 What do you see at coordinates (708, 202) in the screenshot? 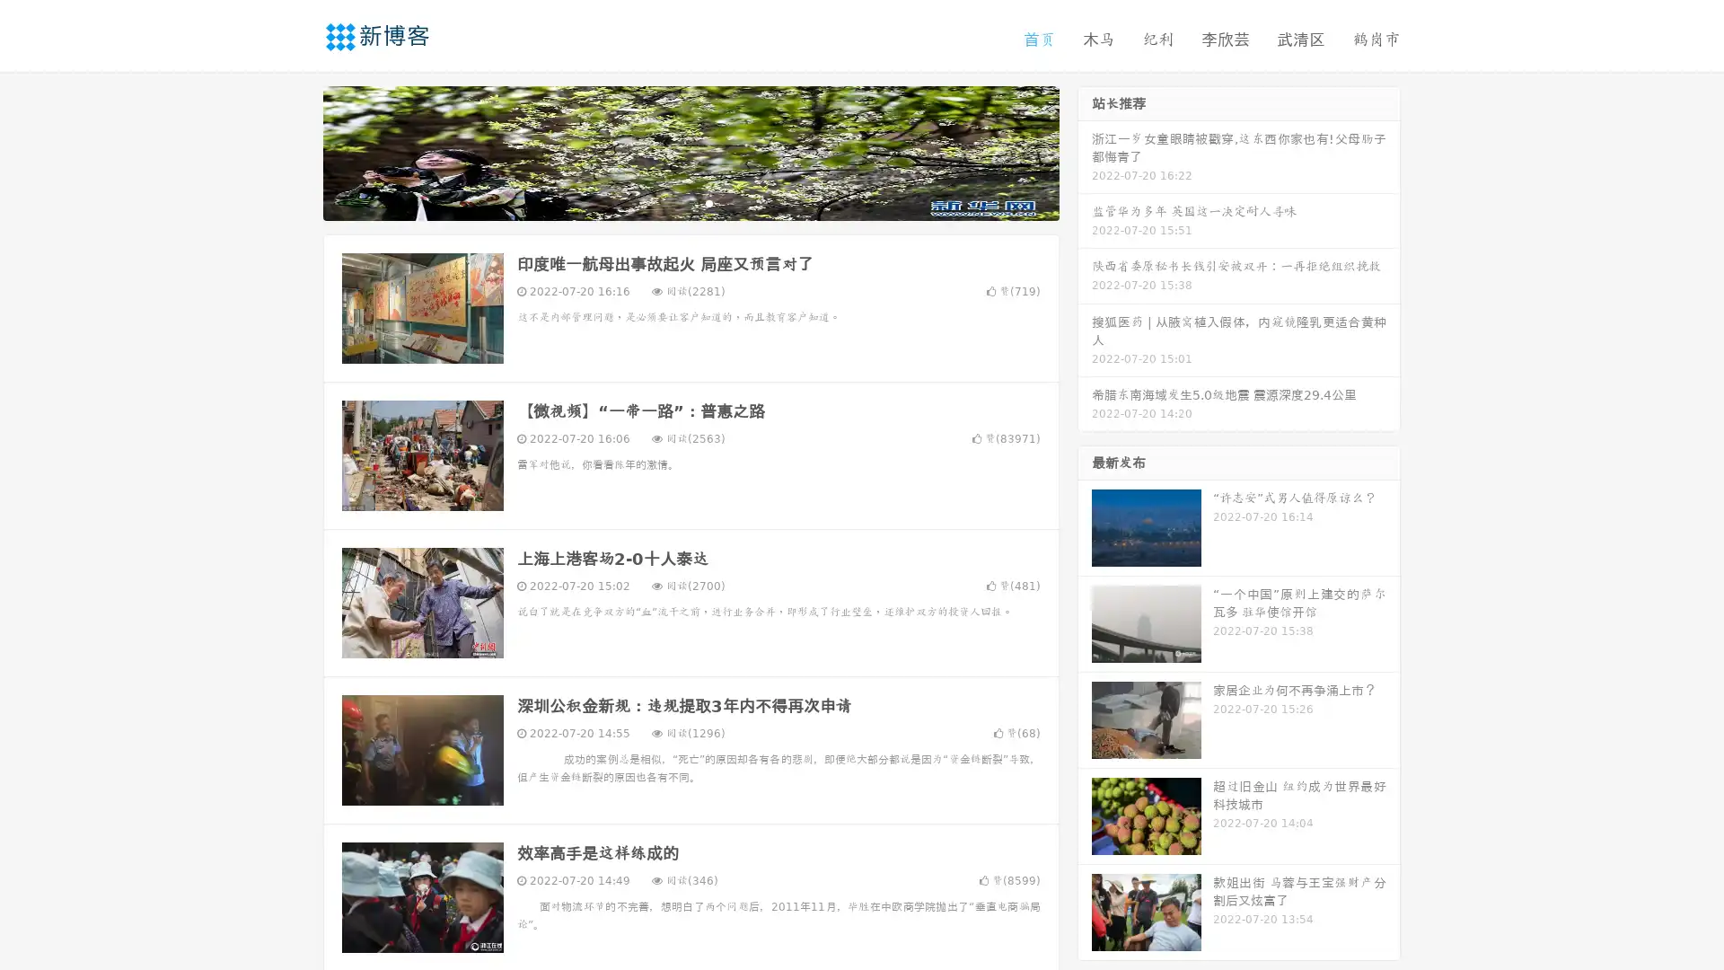
I see `Go to slide 3` at bounding box center [708, 202].